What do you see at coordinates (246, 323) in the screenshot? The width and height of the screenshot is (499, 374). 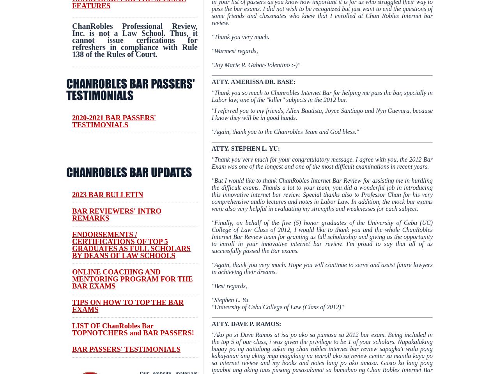 I see `'ATTY. DAVE P. RAMOS:'` at bounding box center [246, 323].